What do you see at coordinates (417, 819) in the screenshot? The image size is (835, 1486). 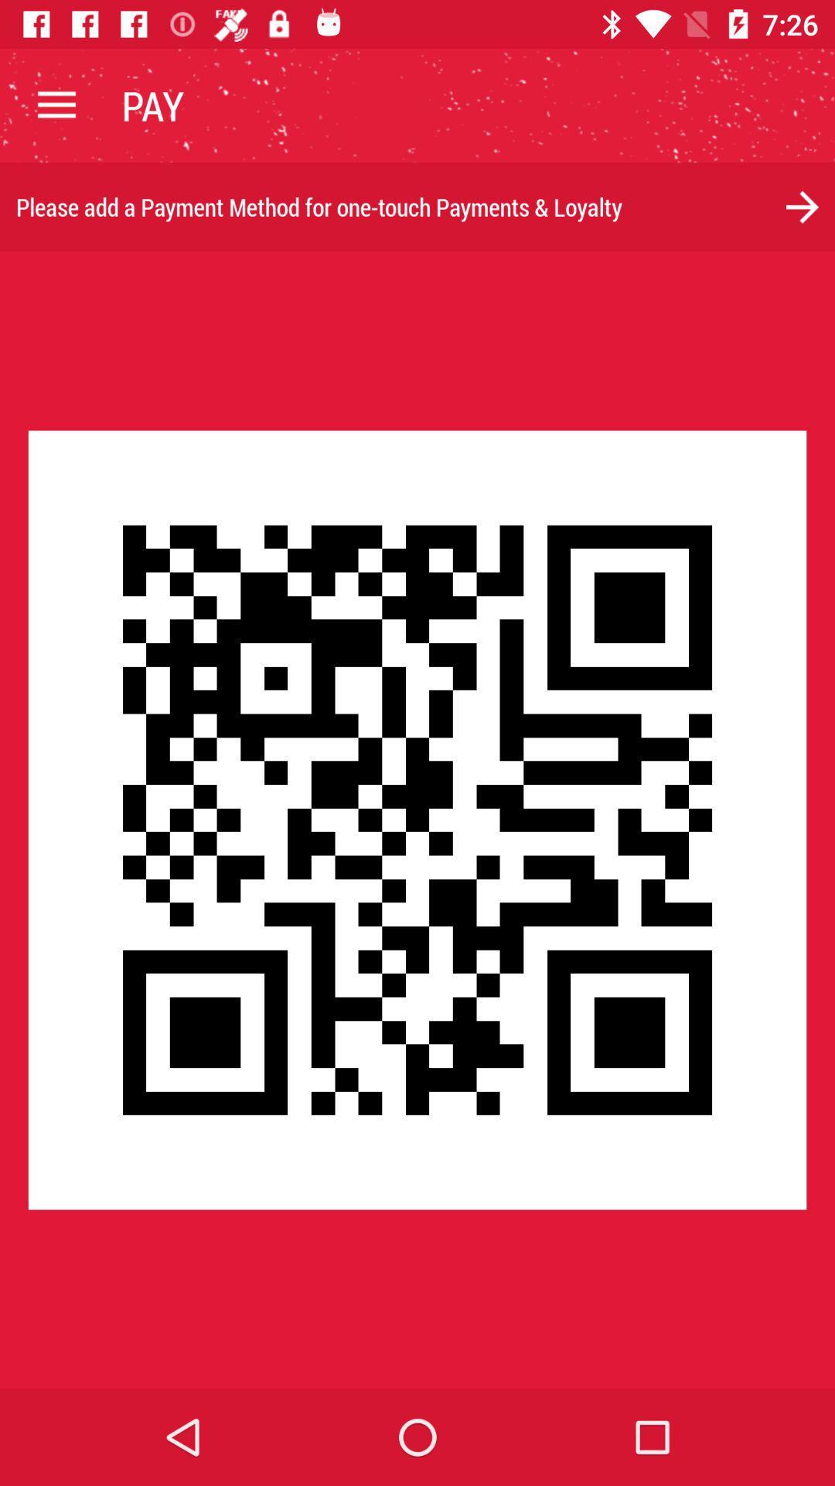 I see `icon at the center` at bounding box center [417, 819].